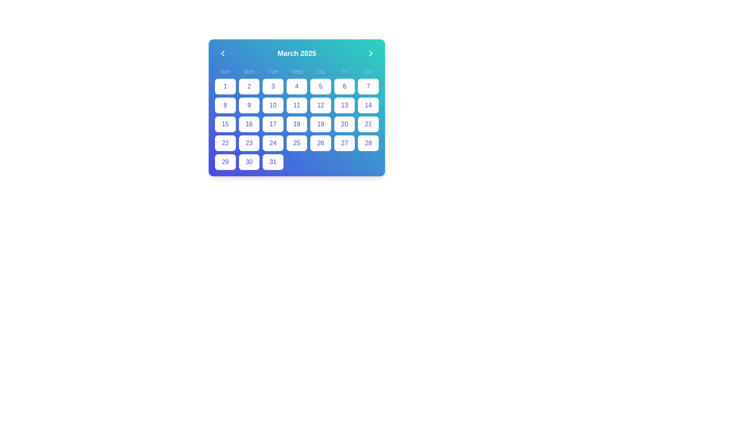  What do you see at coordinates (321, 124) in the screenshot?
I see `the date button` at bounding box center [321, 124].